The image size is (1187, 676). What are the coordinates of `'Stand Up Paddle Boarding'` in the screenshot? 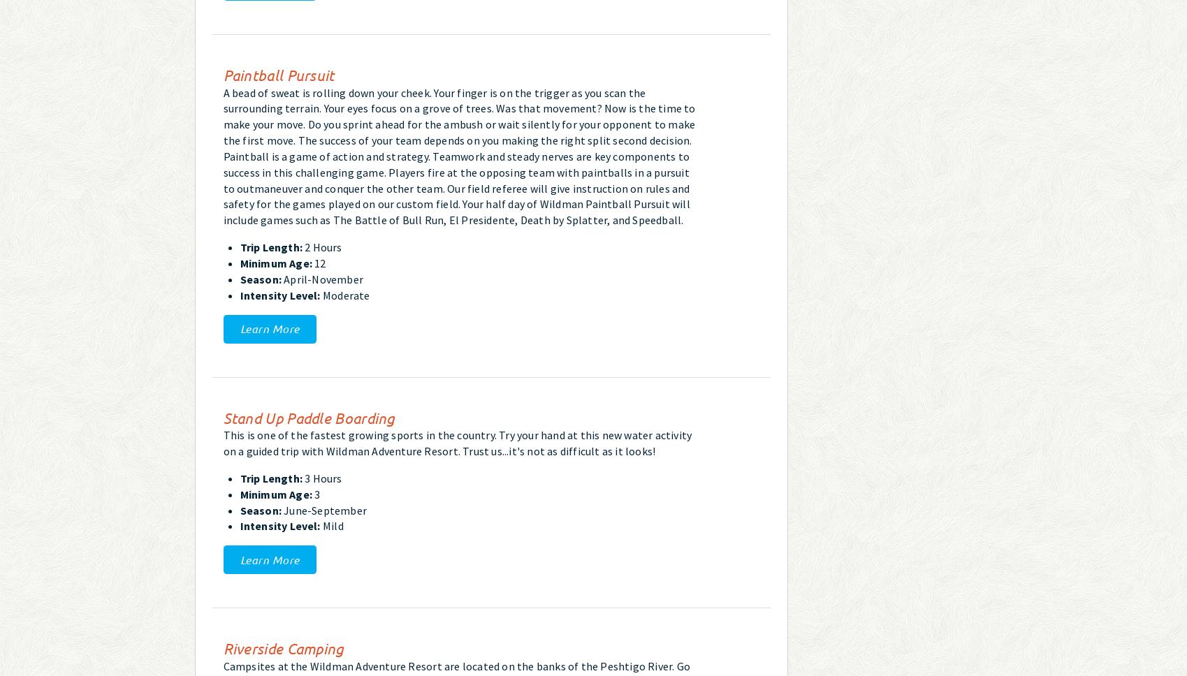 It's located at (222, 417).